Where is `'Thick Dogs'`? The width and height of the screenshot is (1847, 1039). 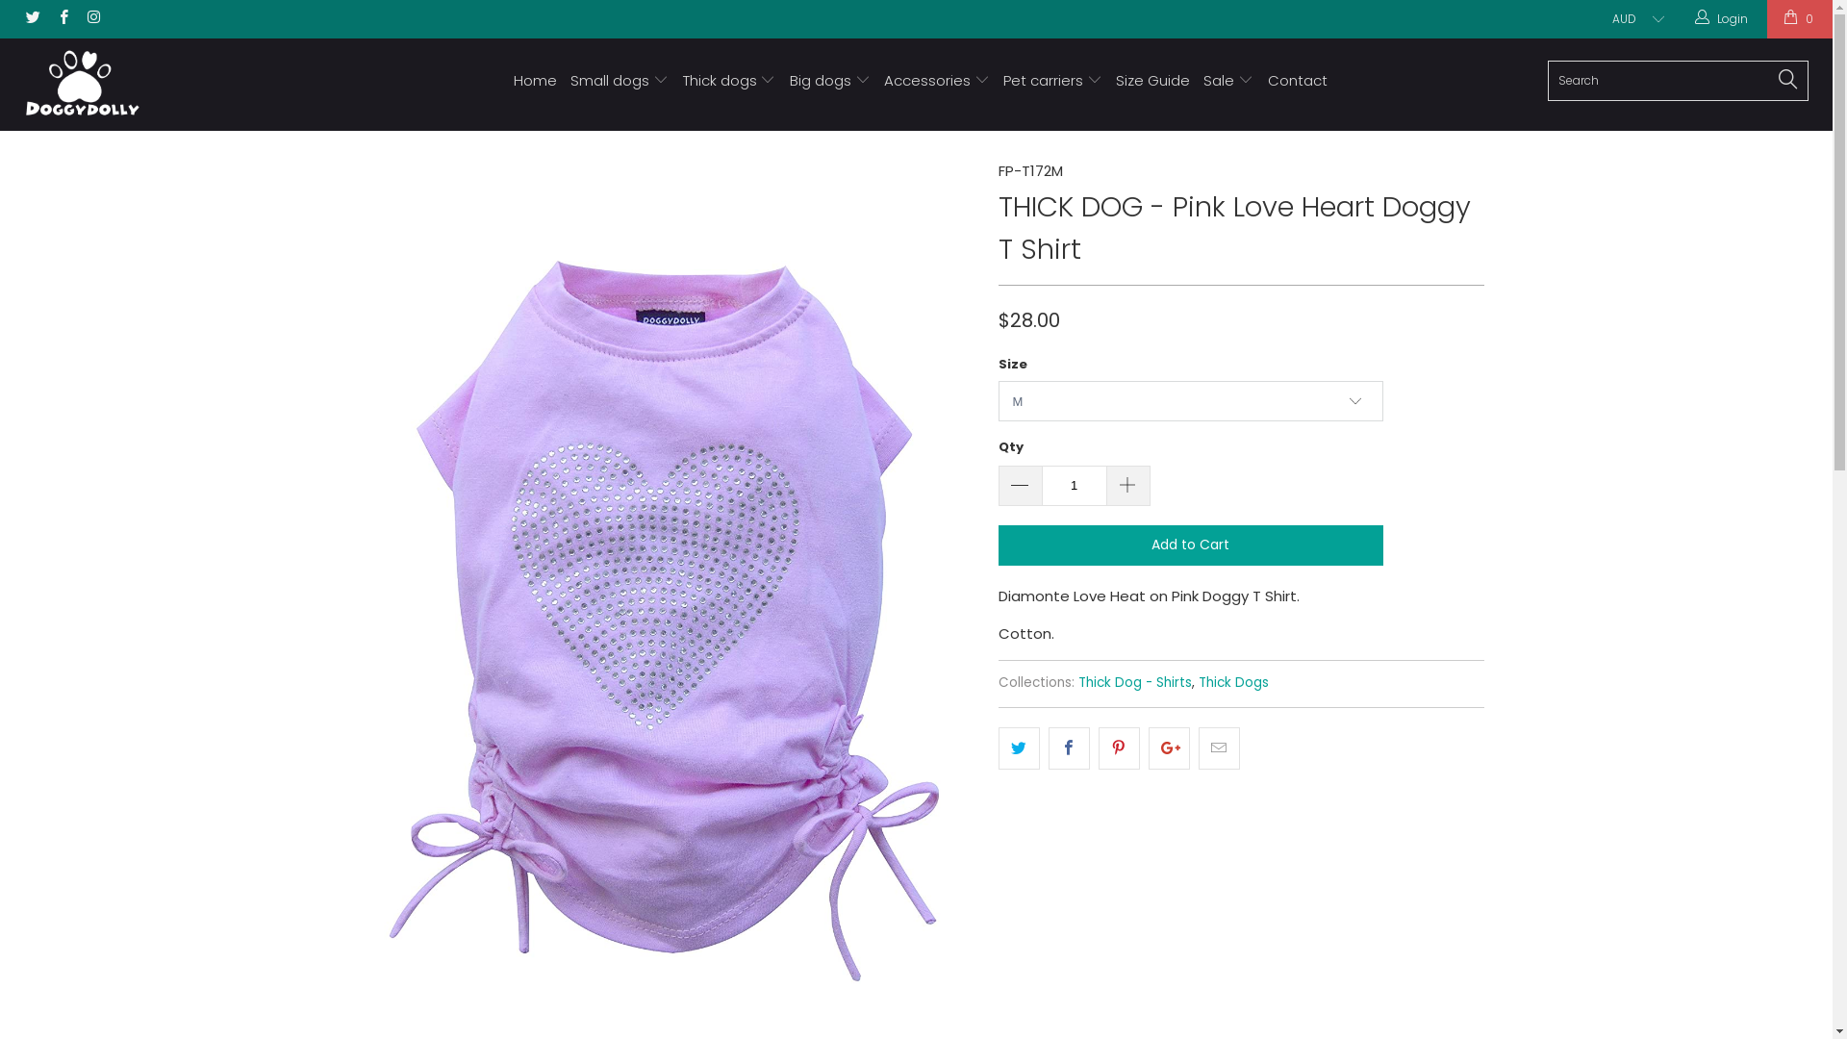
'Thick Dogs' is located at coordinates (1198, 681).